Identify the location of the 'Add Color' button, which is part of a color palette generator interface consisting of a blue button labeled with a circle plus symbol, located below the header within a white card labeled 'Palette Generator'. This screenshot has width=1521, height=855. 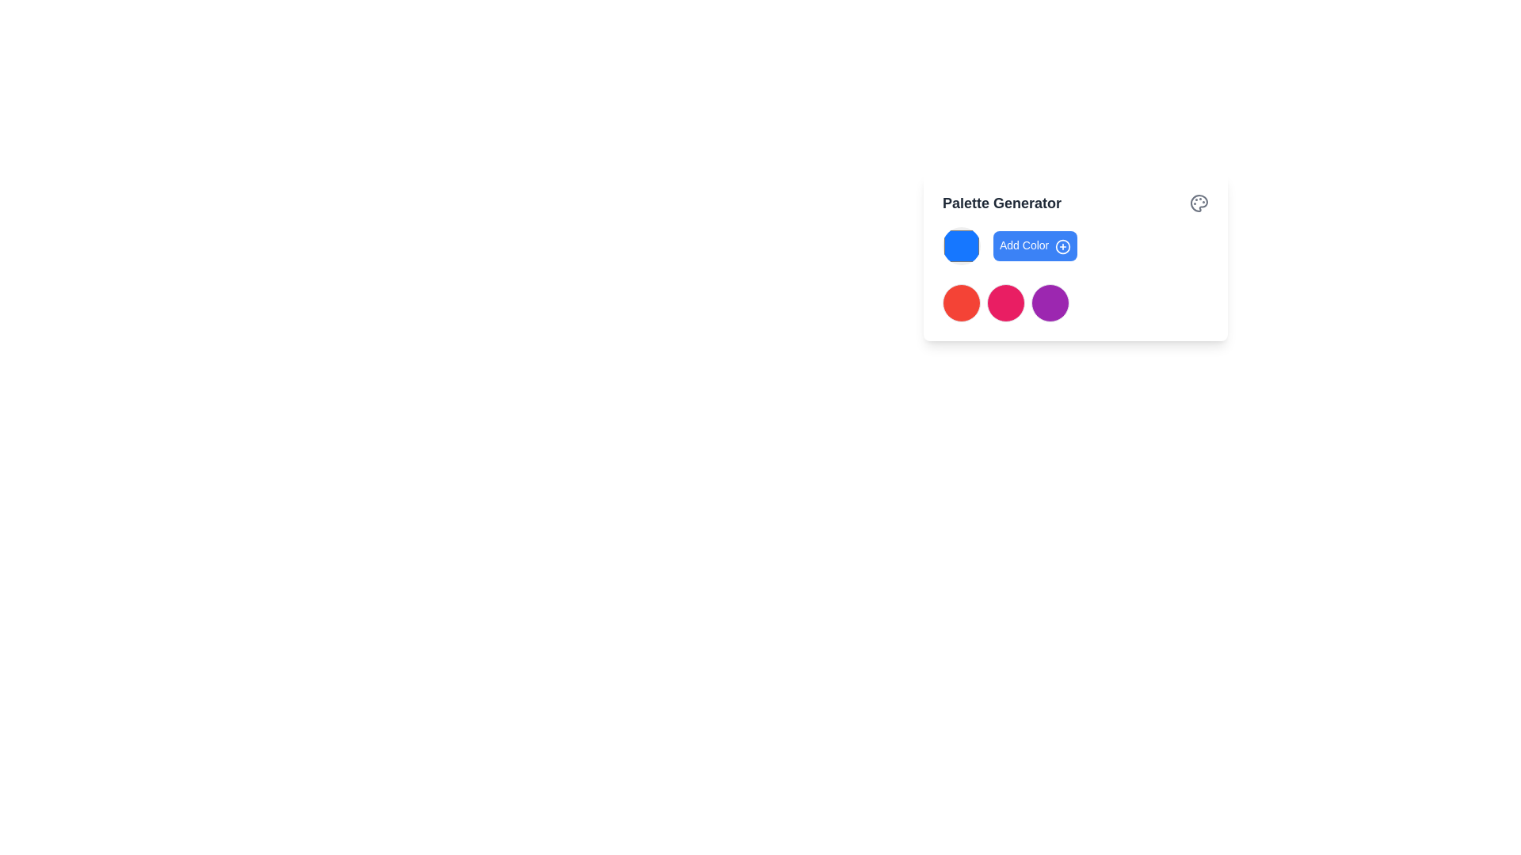
(1076, 246).